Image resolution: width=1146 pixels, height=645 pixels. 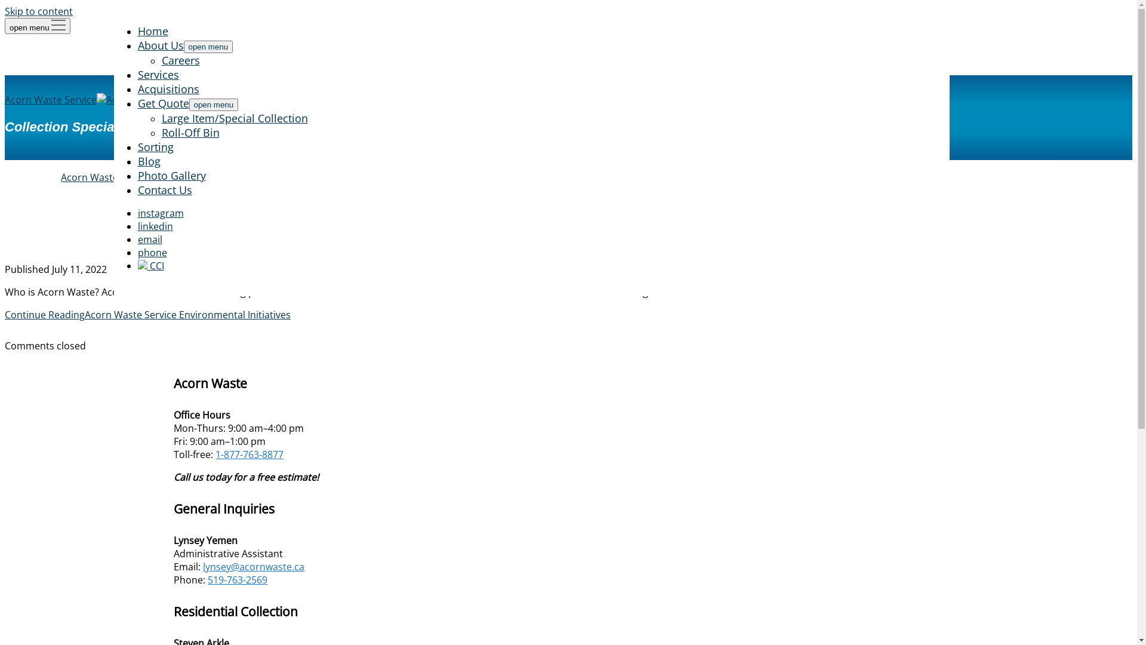 What do you see at coordinates (137, 74) in the screenshot?
I see `'Services'` at bounding box center [137, 74].